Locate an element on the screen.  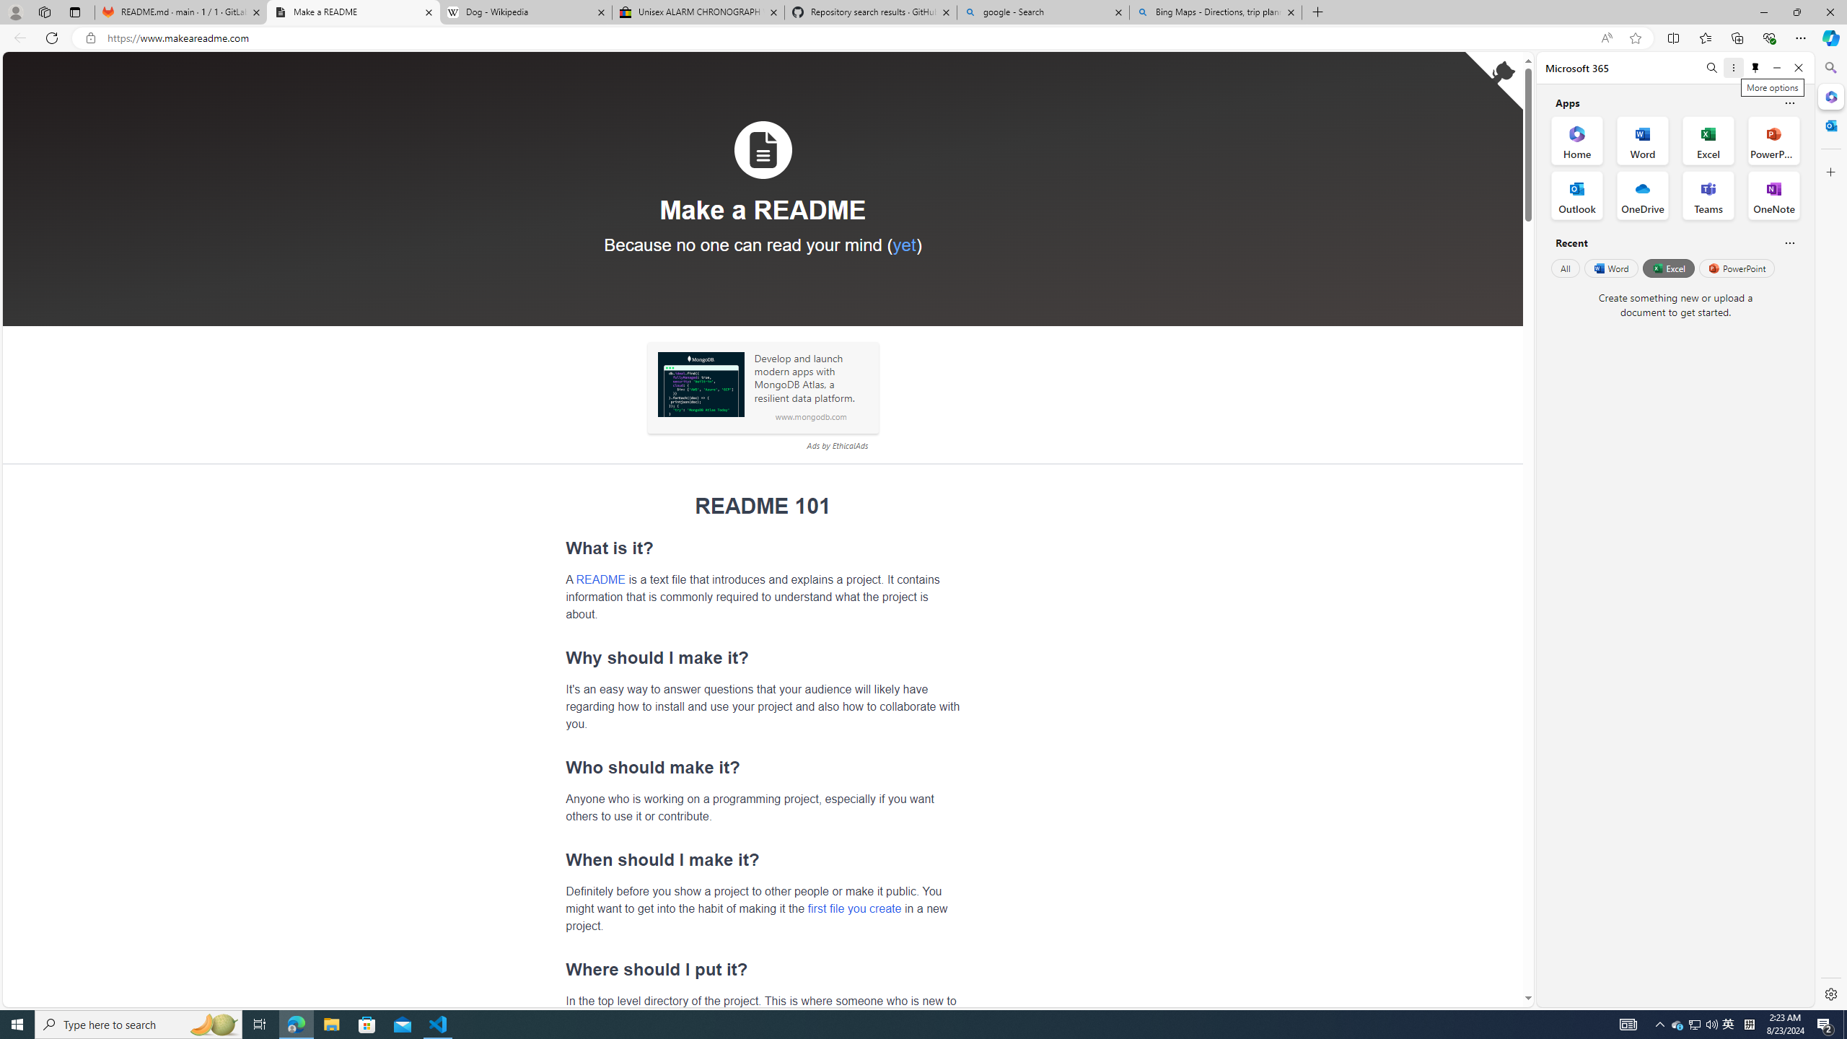
'All' is located at coordinates (1564, 268).